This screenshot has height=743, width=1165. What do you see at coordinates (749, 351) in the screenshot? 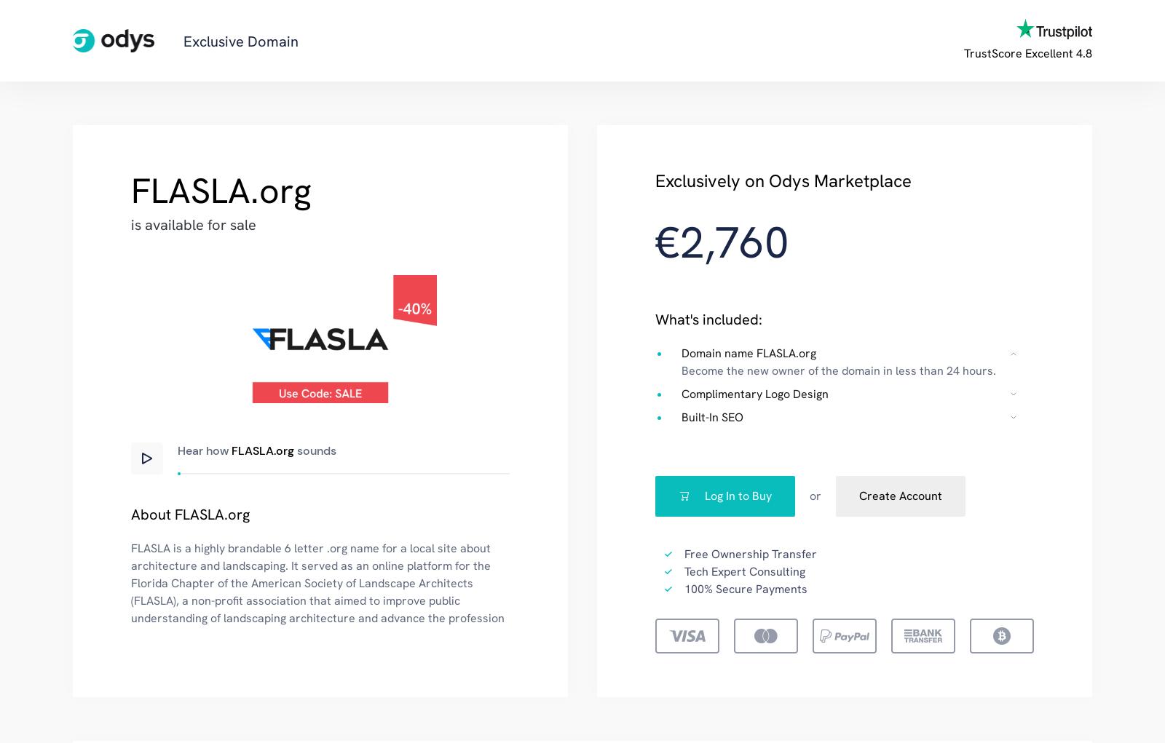
I see `'Domain name FLASLA.org'` at bounding box center [749, 351].